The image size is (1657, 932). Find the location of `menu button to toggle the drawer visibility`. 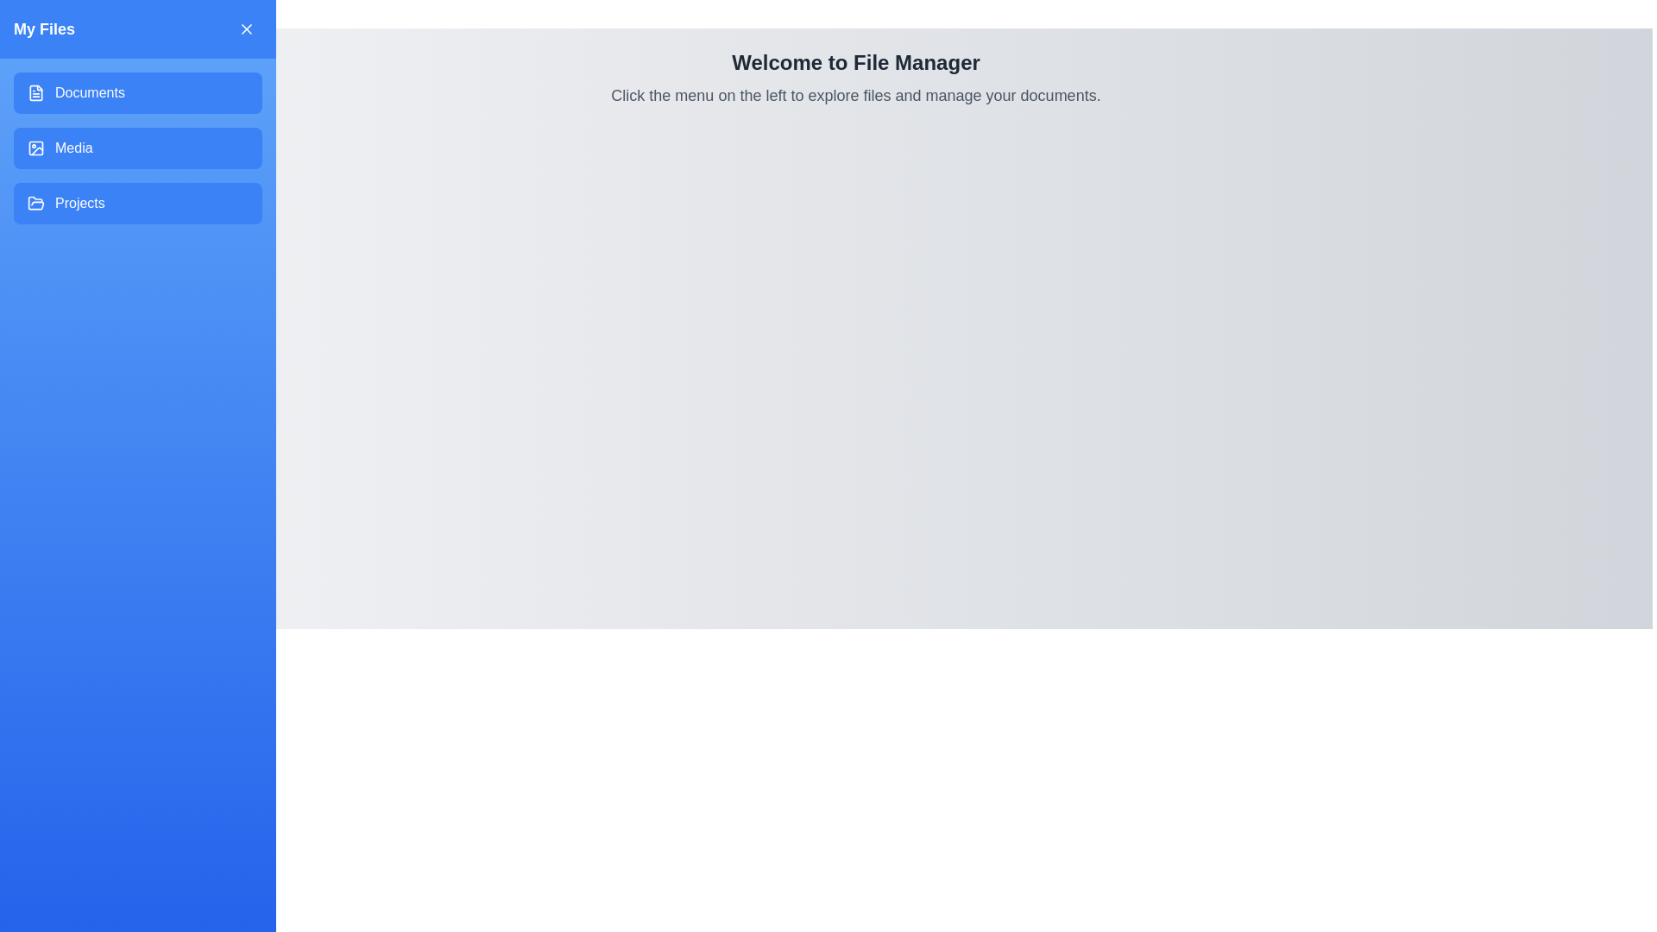

menu button to toggle the drawer visibility is located at coordinates (37, 37).